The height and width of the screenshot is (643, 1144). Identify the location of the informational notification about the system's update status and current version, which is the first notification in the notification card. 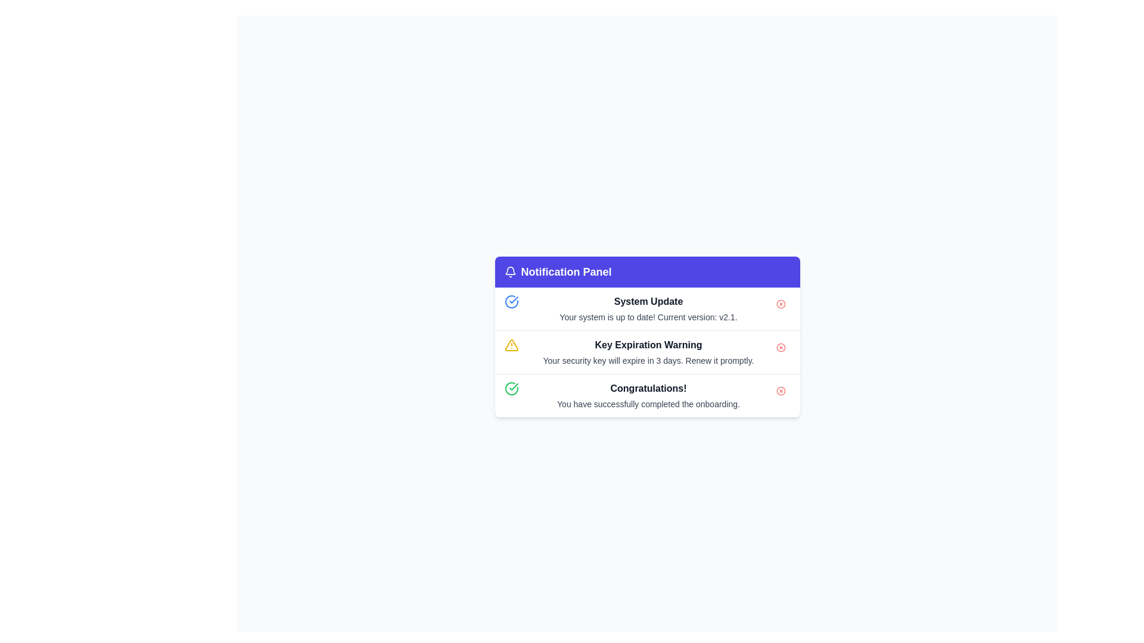
(648, 308).